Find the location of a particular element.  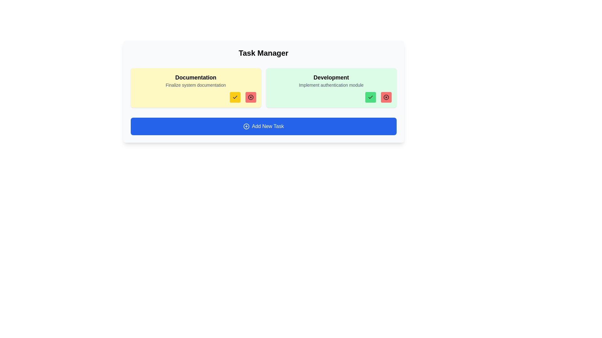

the button located at the top-right corner of the 'Development' column to approve the associated task is located at coordinates (370, 97).